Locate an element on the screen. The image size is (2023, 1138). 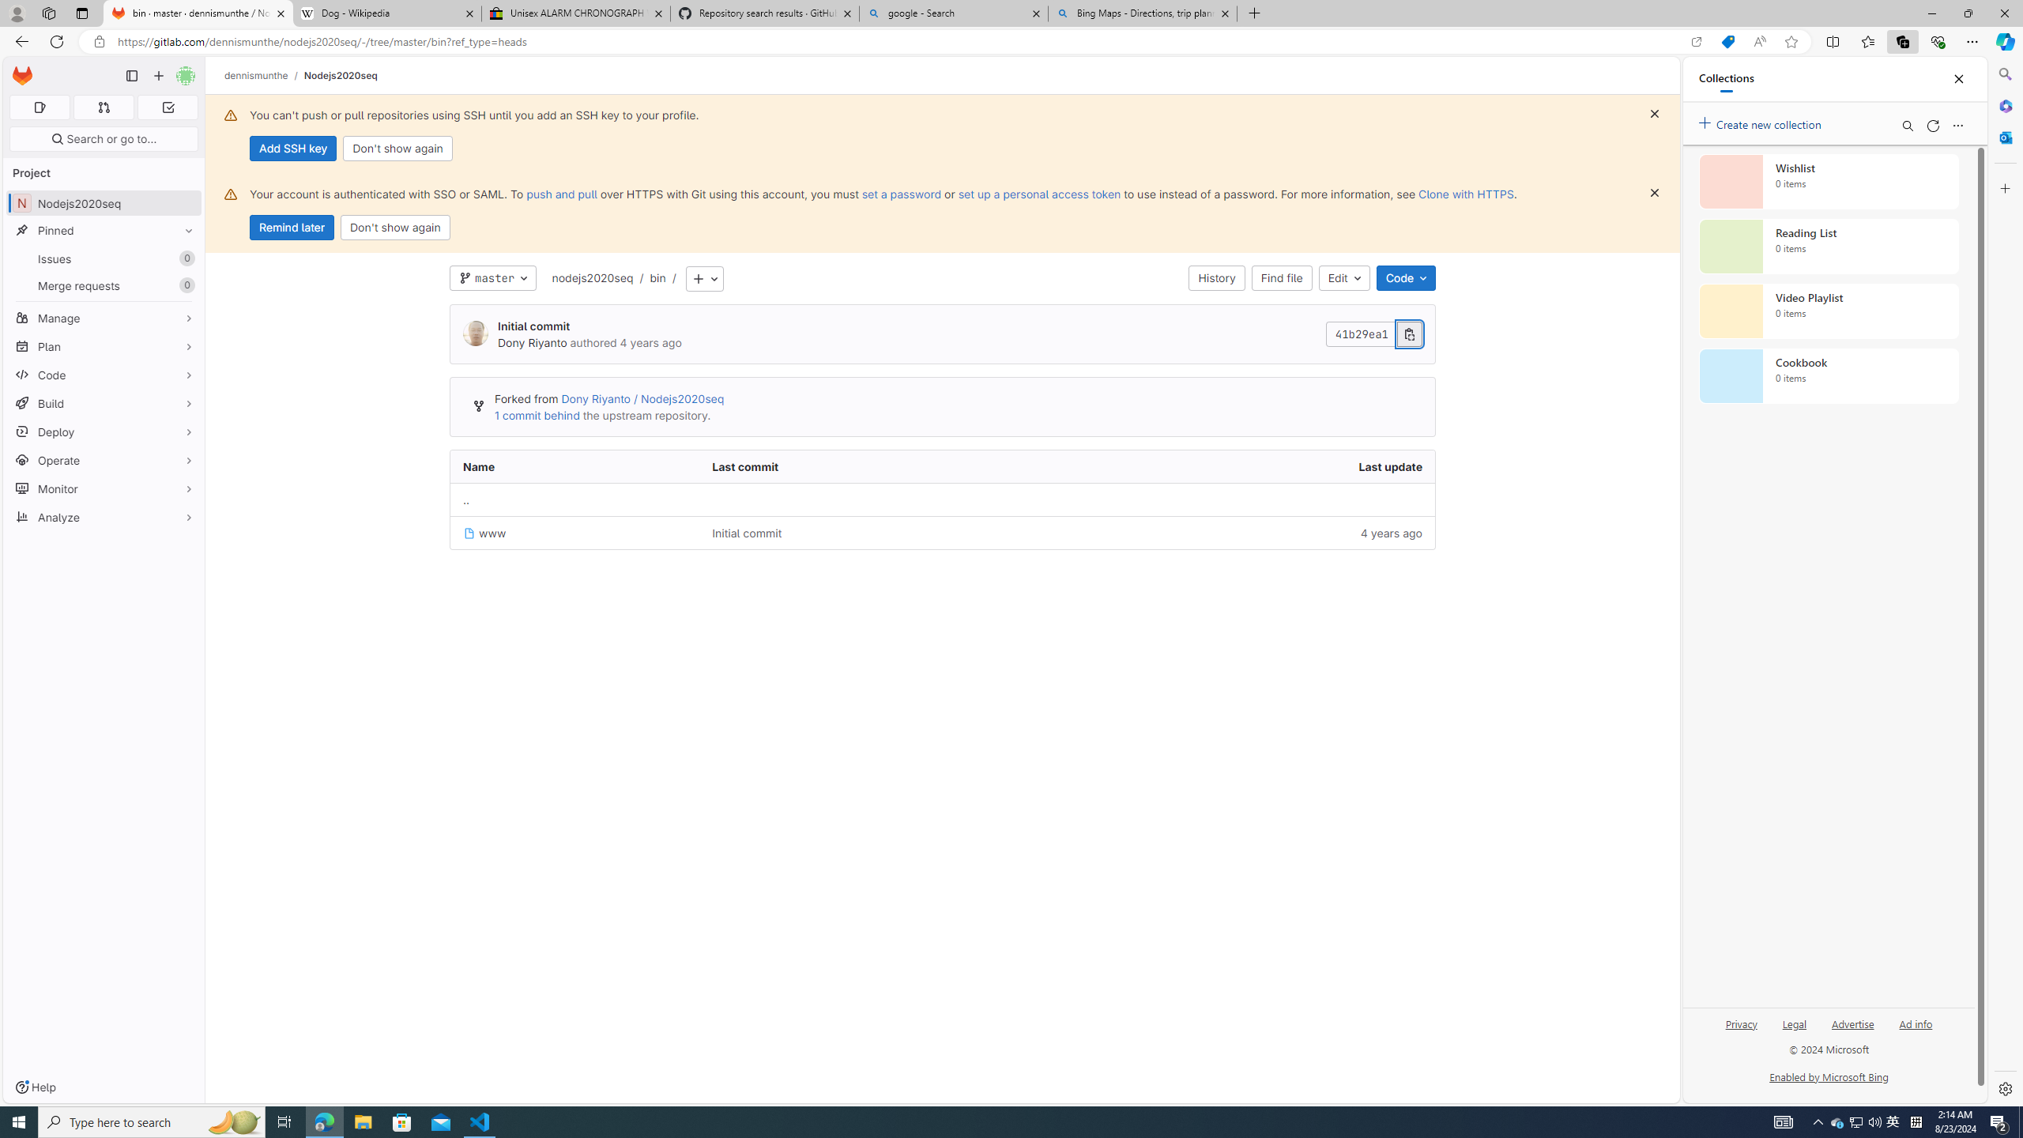
'set a password' is located at coordinates (902, 194).